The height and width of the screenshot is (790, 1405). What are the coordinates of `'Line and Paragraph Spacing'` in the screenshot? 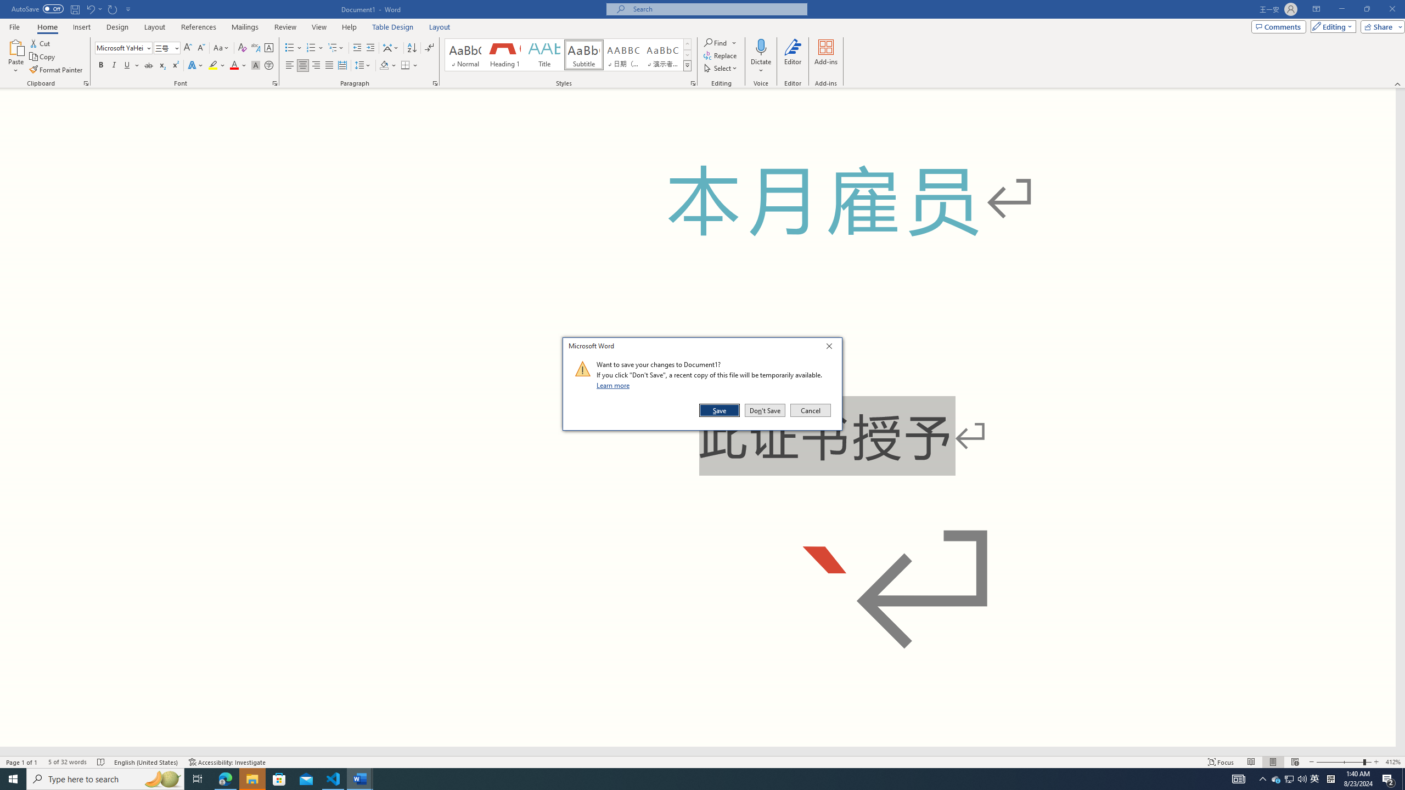 It's located at (364, 65).